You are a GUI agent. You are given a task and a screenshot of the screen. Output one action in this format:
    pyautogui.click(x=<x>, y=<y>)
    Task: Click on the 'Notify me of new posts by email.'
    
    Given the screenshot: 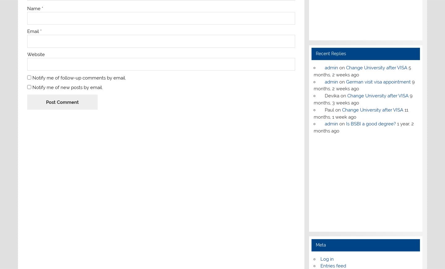 What is the action you would take?
    pyautogui.click(x=67, y=87)
    